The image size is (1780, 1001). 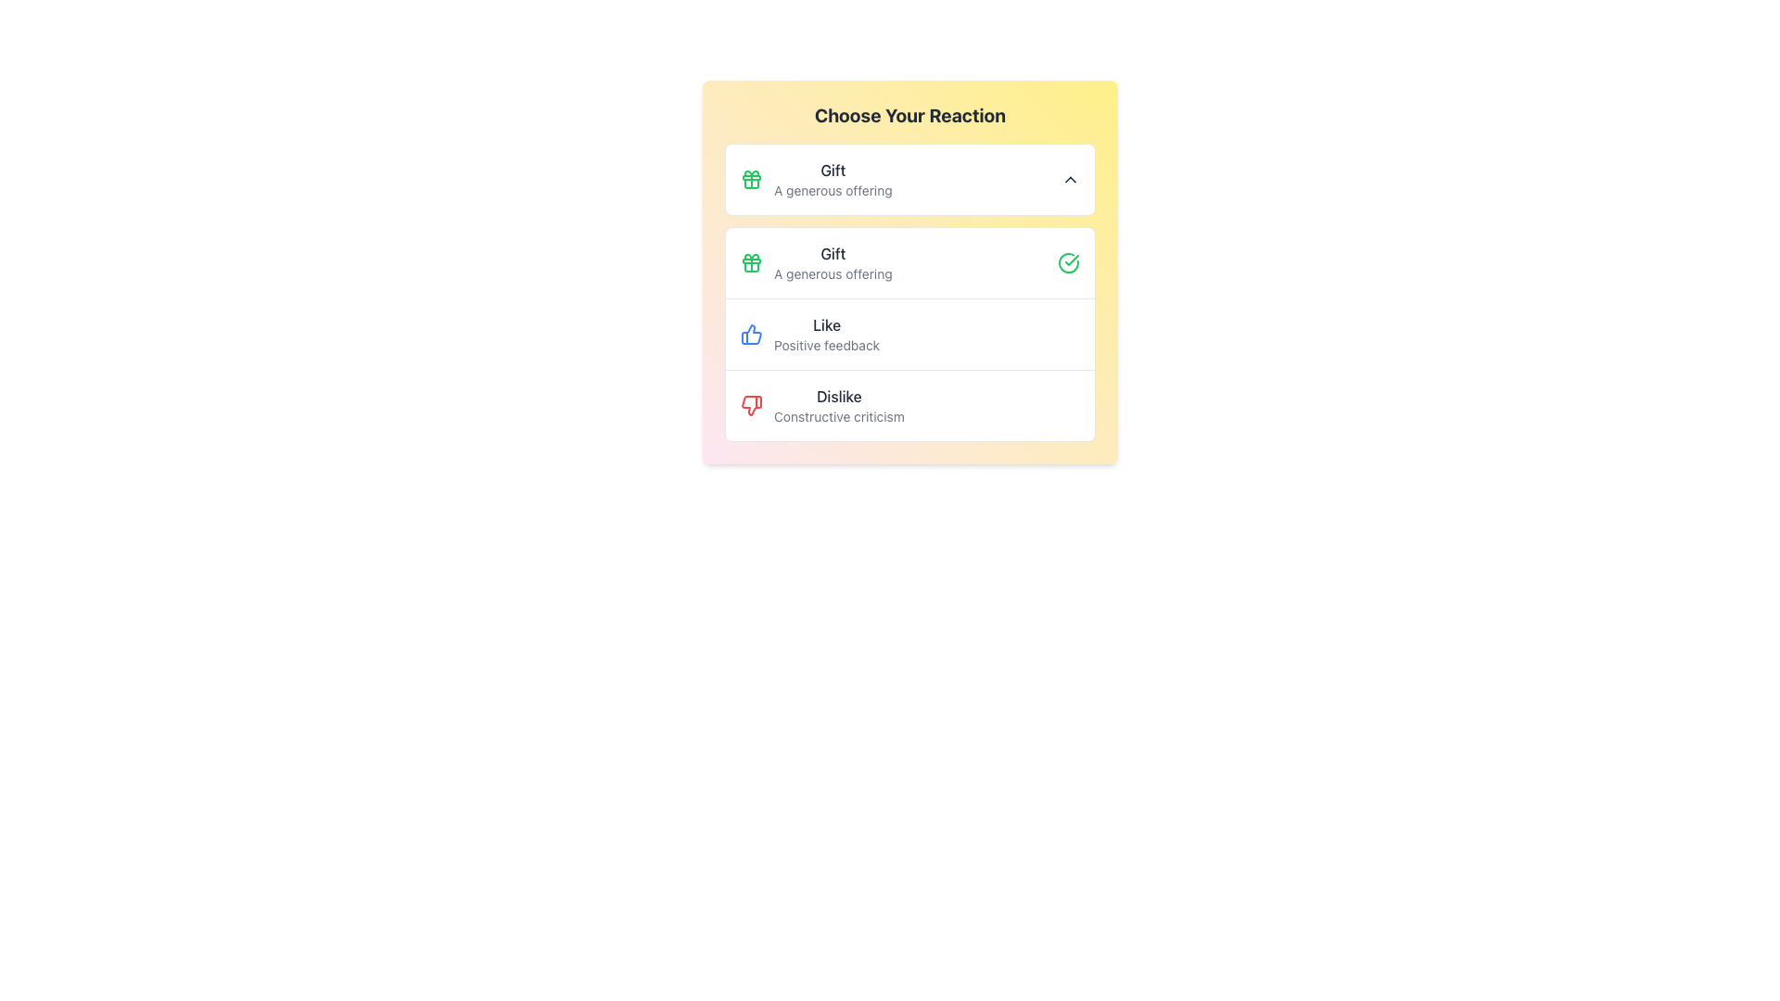 I want to click on the green rectangular bar that is part of the gift box icon in the 'Choose Your Reaction' list, so click(x=752, y=178).